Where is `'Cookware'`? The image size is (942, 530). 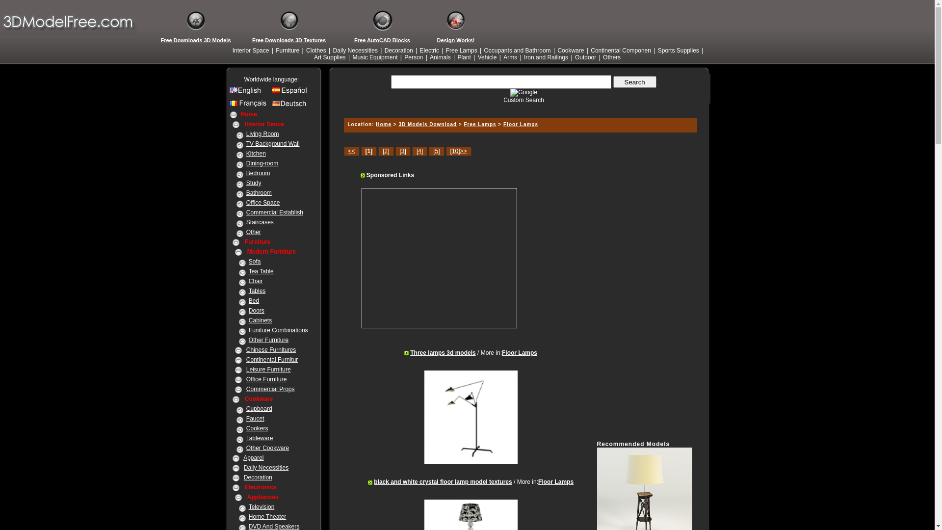 'Cookware' is located at coordinates (570, 51).